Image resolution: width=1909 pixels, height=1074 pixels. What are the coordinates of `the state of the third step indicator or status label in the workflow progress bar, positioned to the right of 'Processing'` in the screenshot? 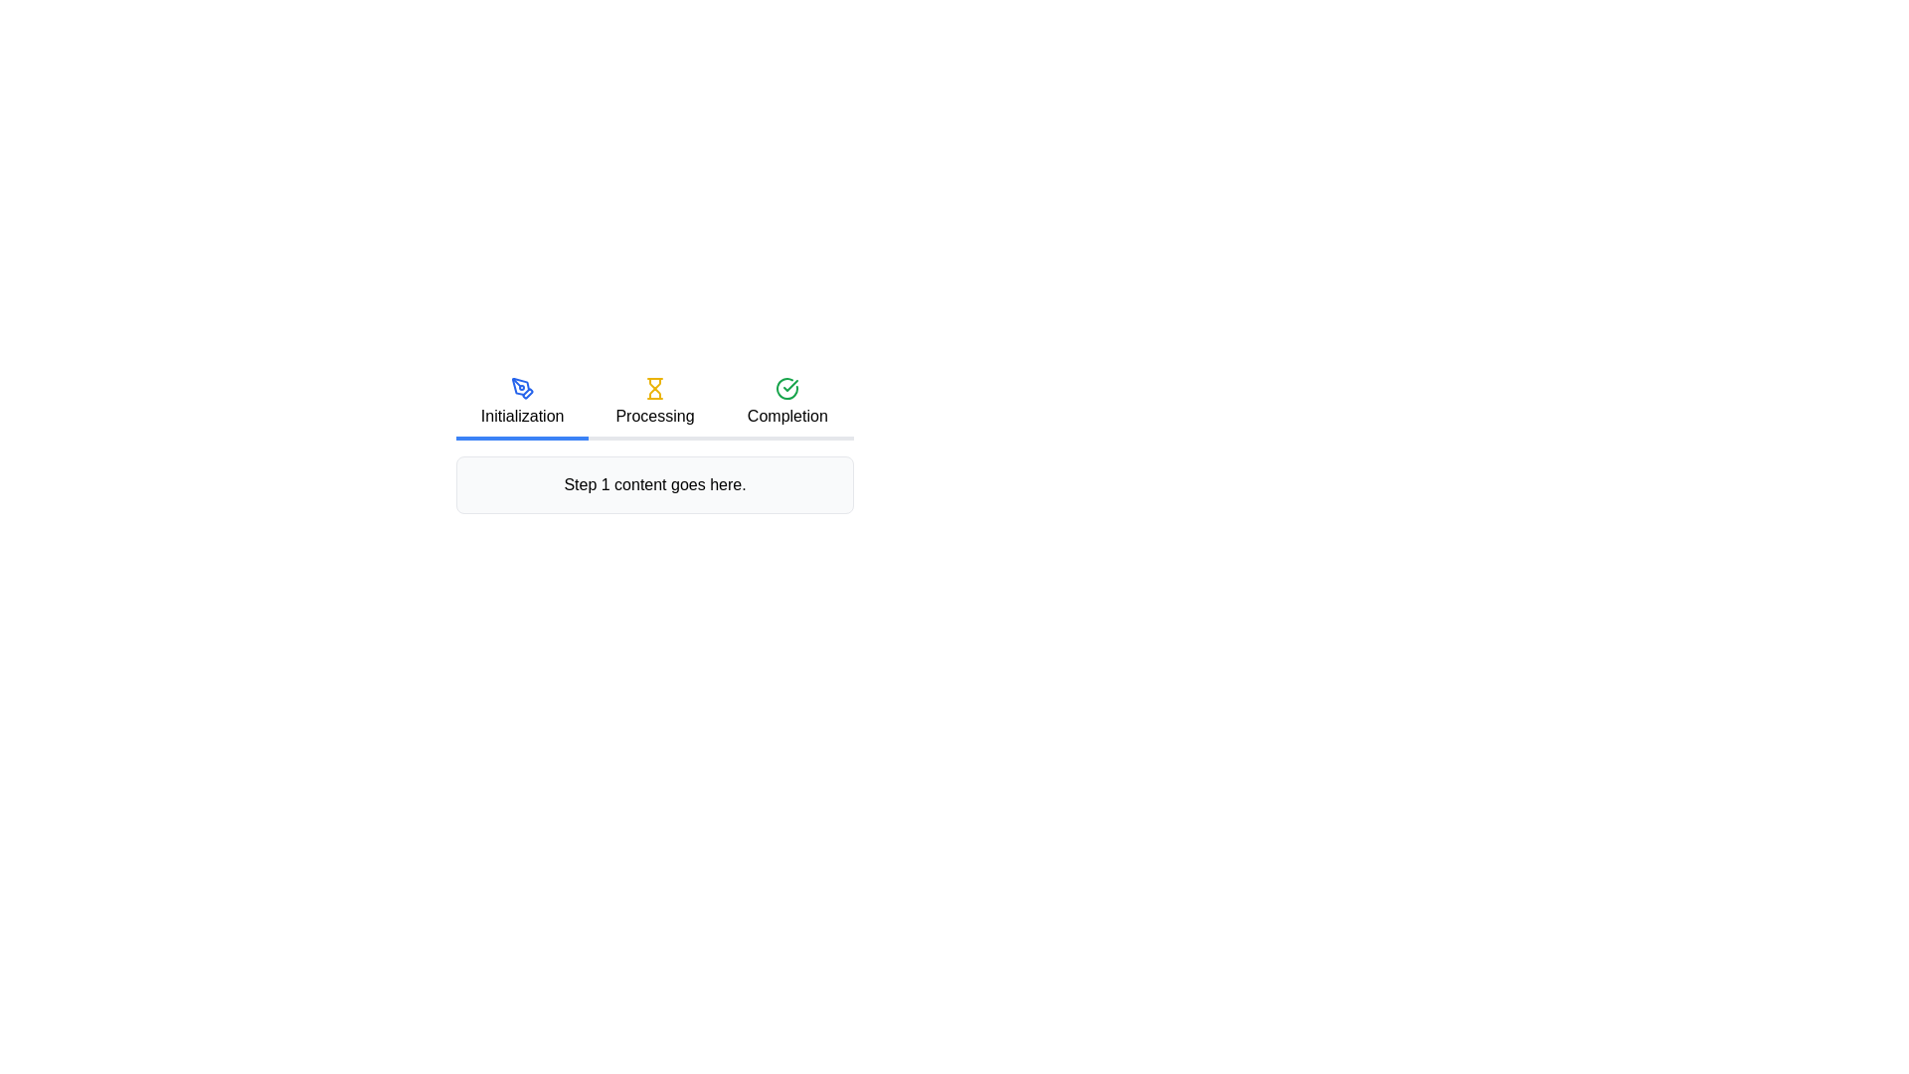 It's located at (786, 404).